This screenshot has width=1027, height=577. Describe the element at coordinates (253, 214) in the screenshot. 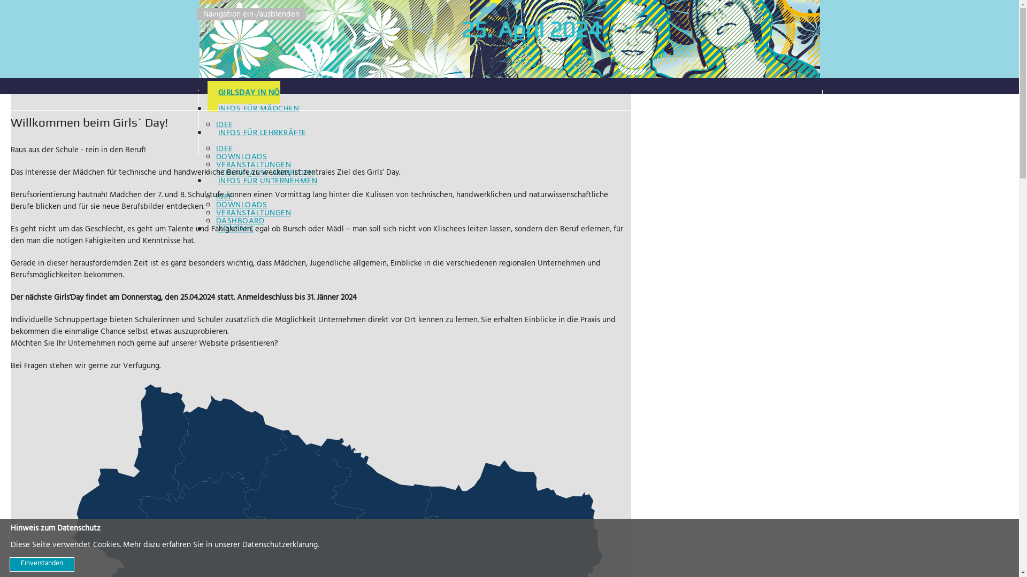

I see `'VERANSTALTUNGEN'` at that location.